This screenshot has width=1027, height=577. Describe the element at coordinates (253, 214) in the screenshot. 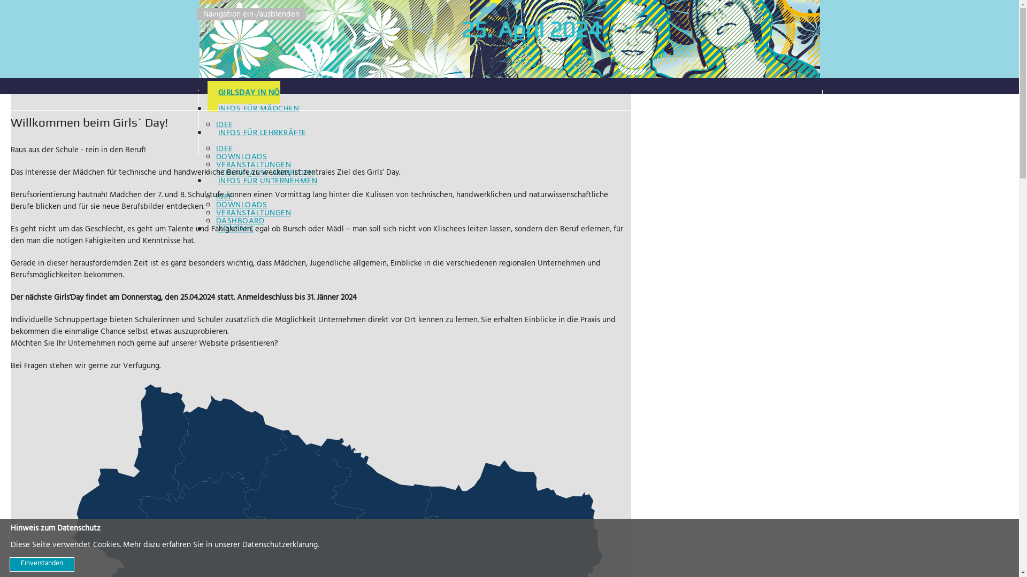

I see `'VERANSTALTUNGEN'` at that location.